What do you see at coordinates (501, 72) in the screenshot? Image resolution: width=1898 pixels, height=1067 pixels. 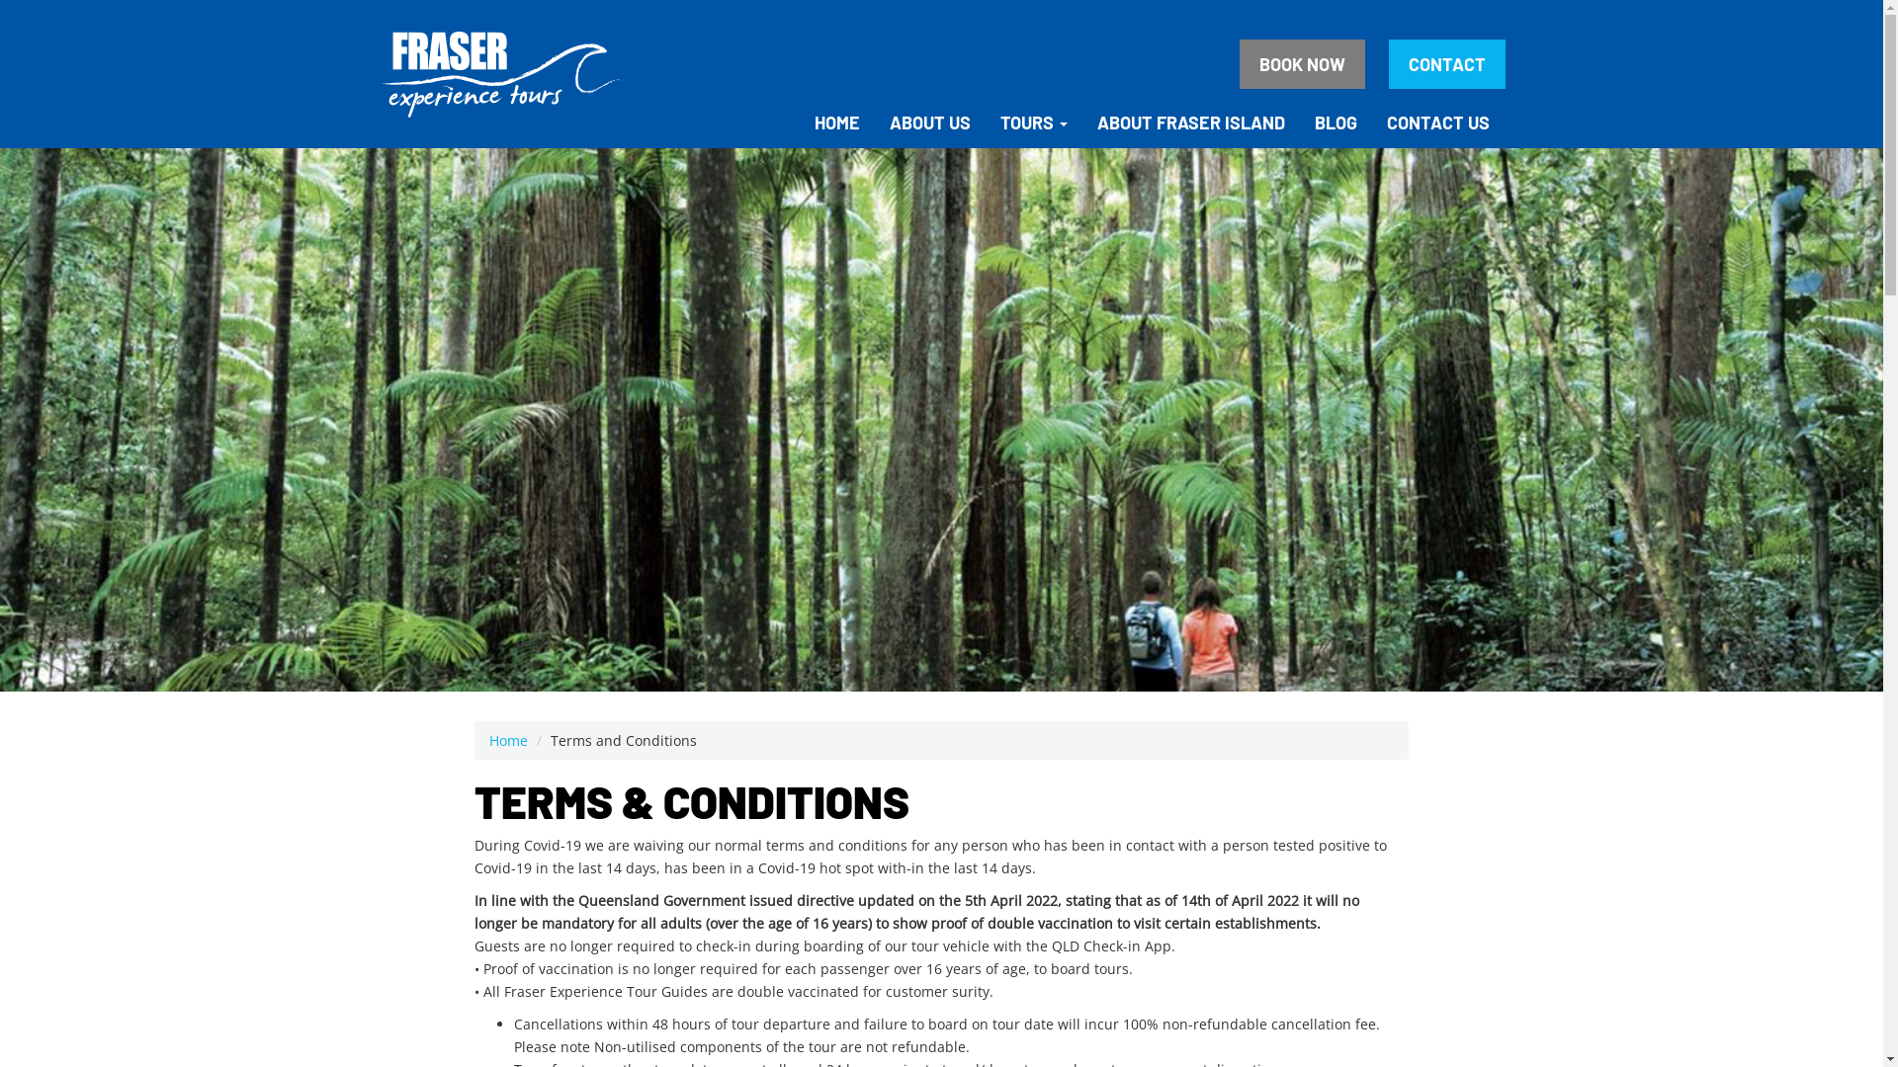 I see `'Fraser Experience Tours  Logo'` at bounding box center [501, 72].